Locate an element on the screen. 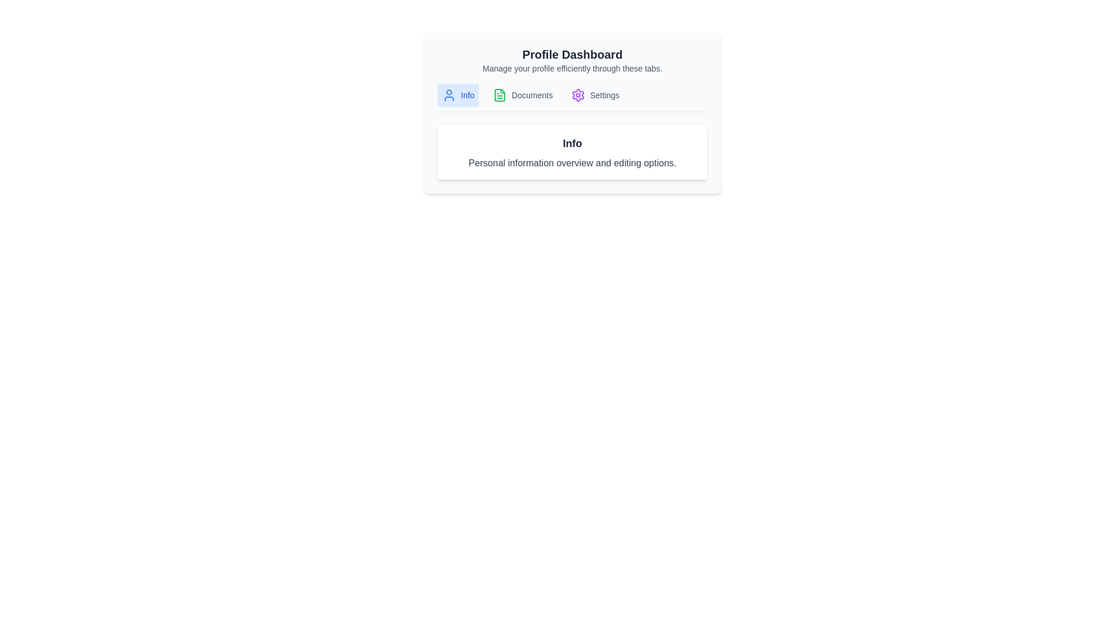  the Documents tab to observe its specific content is located at coordinates (521, 95).